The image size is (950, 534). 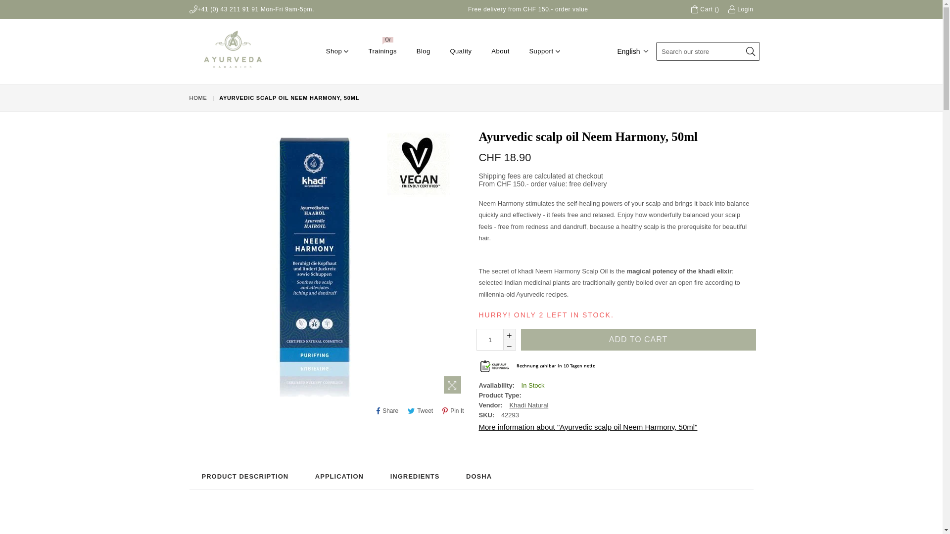 What do you see at coordinates (741, 9) in the screenshot?
I see `'Login'` at bounding box center [741, 9].